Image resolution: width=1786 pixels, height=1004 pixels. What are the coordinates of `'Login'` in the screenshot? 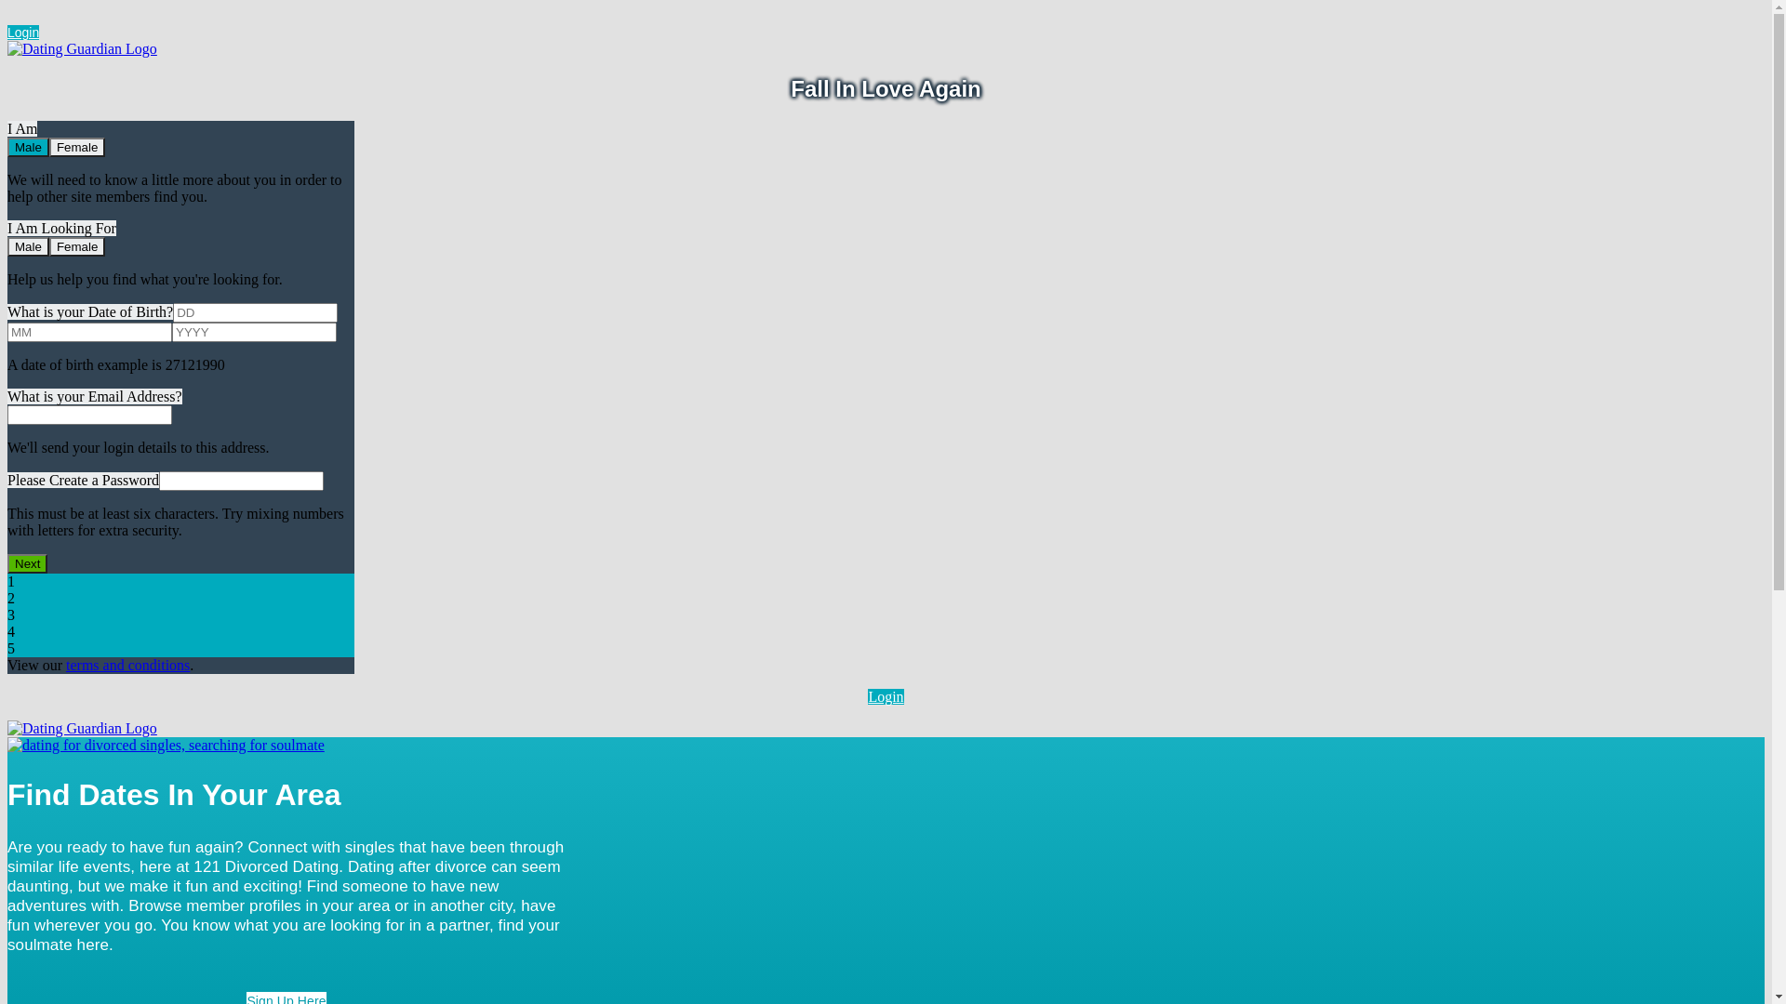 It's located at (7, 32).